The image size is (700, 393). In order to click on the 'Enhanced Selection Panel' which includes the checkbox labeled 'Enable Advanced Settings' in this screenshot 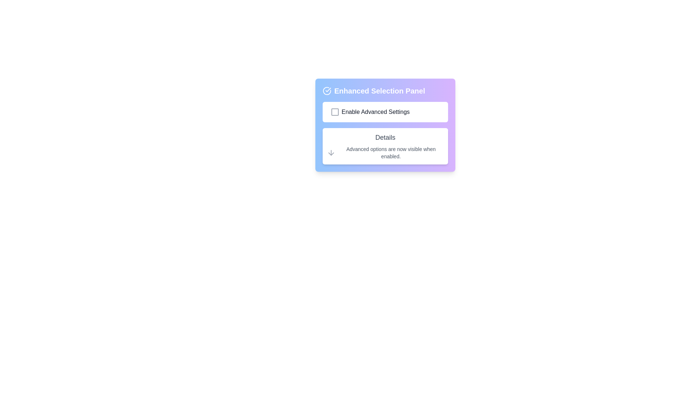, I will do `click(385, 124)`.